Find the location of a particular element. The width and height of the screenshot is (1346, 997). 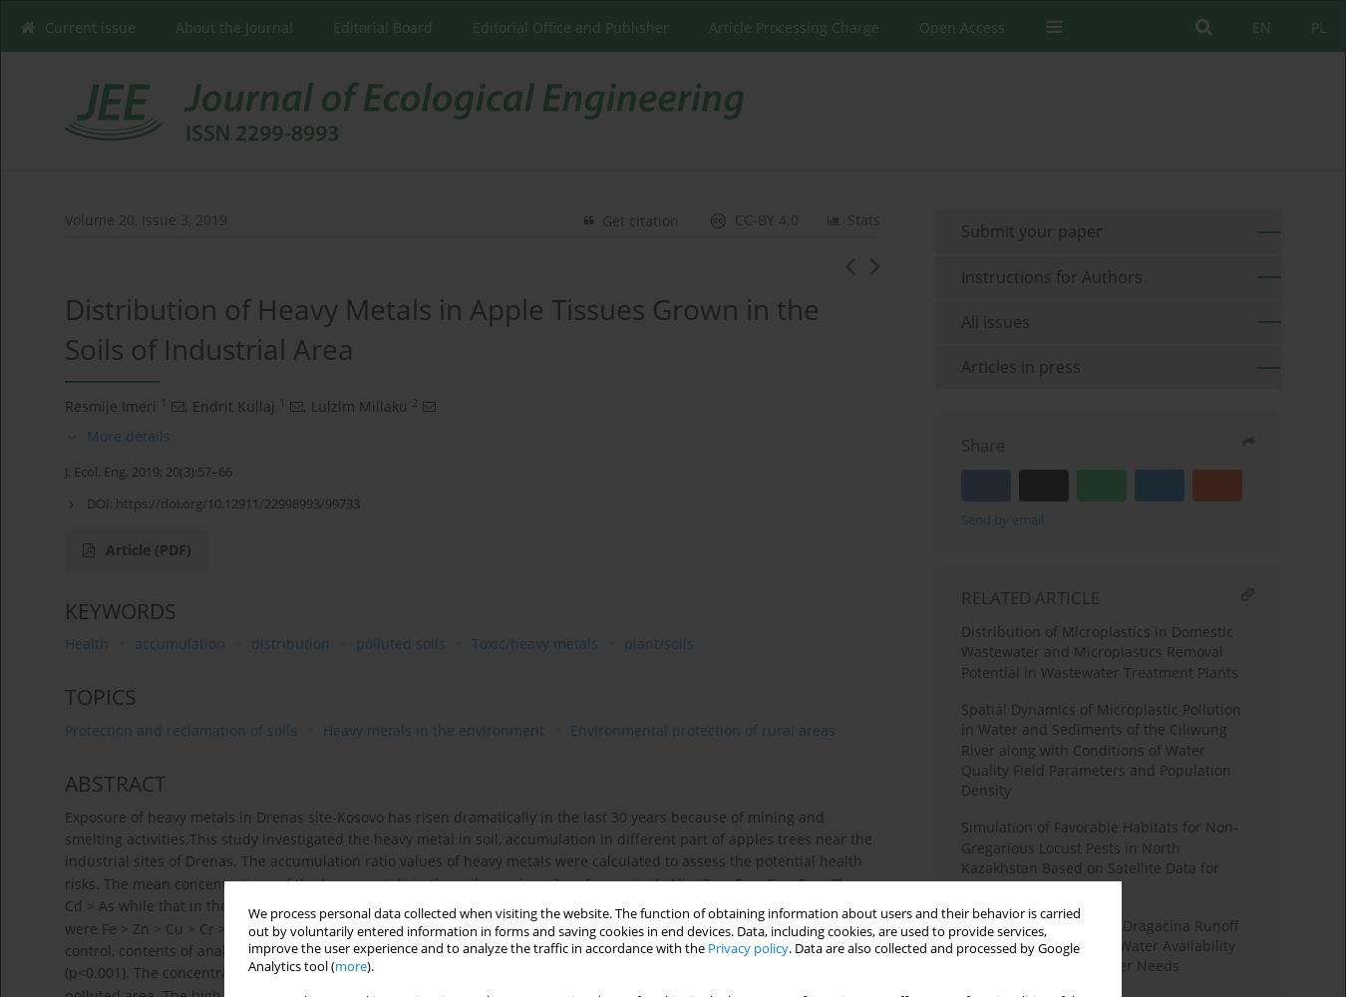

'We process personal data collected when visiting the website. The function of obtaining information about users and their behavior is carried out by voluntarily entered information in forms and saving cookies in end devices. Data, including cookies, are used to provide services, improve the user experience and to analyze the traffic in accordance with the' is located at coordinates (664, 931).